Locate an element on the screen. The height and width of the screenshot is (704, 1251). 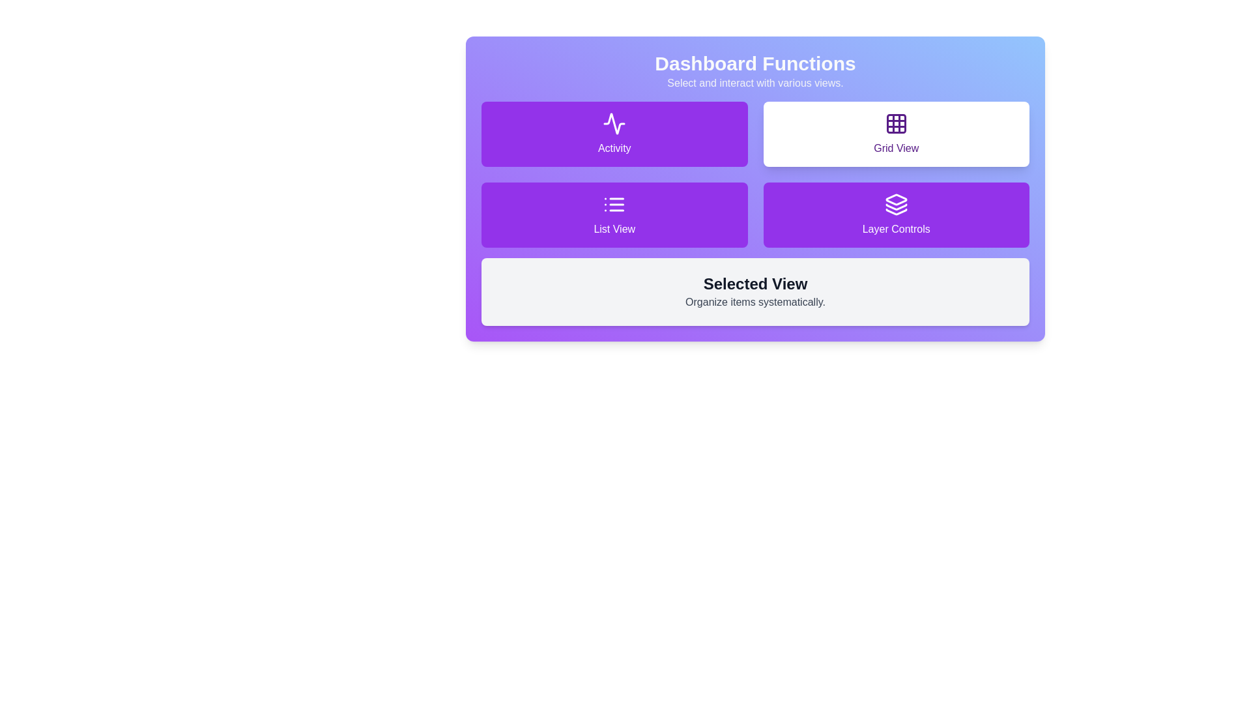
the static text label that provides descriptive text or instruction related to the 'Selected View', located beneath the 'Selected View' text in a white box with rounded corners is located at coordinates (755, 302).